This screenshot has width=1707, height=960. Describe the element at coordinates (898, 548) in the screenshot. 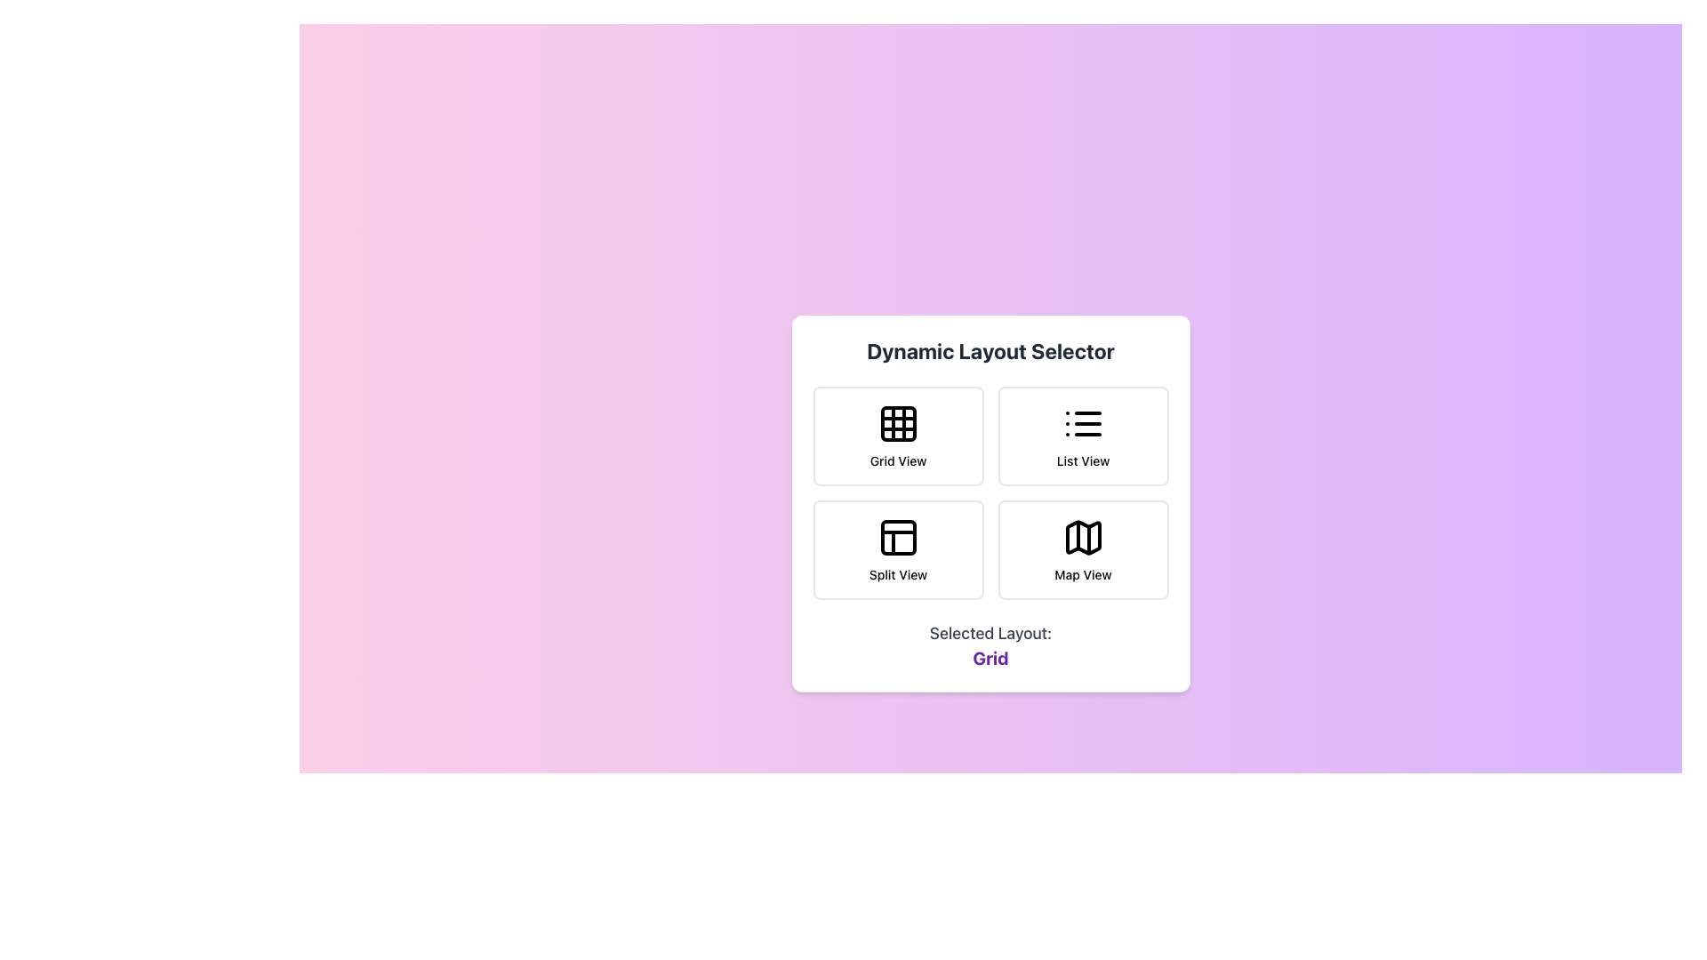

I see `the 'Split View' button, which is a rectangular button with an icon resembling a split interface and the text 'Split View' below it, located in the bottom left corner of the grid under the 'Dynamic Layout Selector' heading` at that location.